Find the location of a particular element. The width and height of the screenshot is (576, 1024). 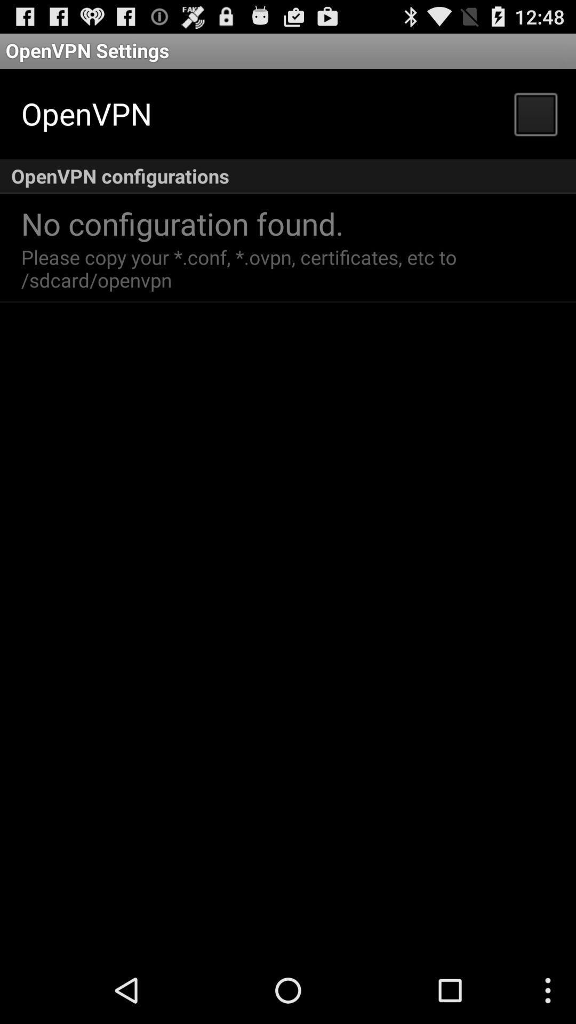

no configuration found. app is located at coordinates (182, 222).